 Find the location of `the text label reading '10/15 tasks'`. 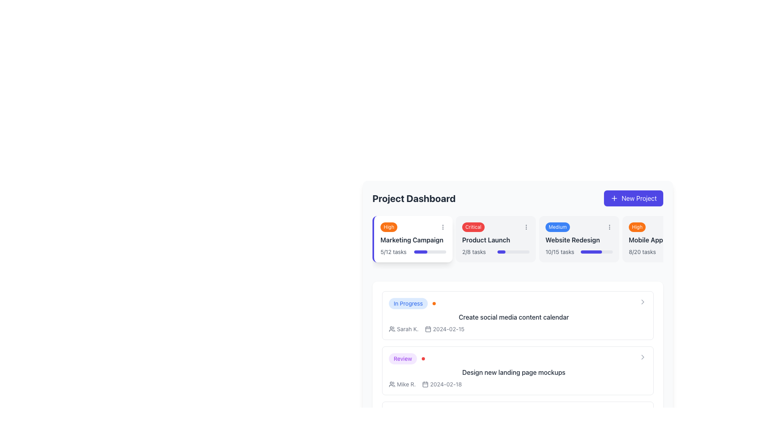

the text label reading '10/15 tasks' is located at coordinates (559, 251).